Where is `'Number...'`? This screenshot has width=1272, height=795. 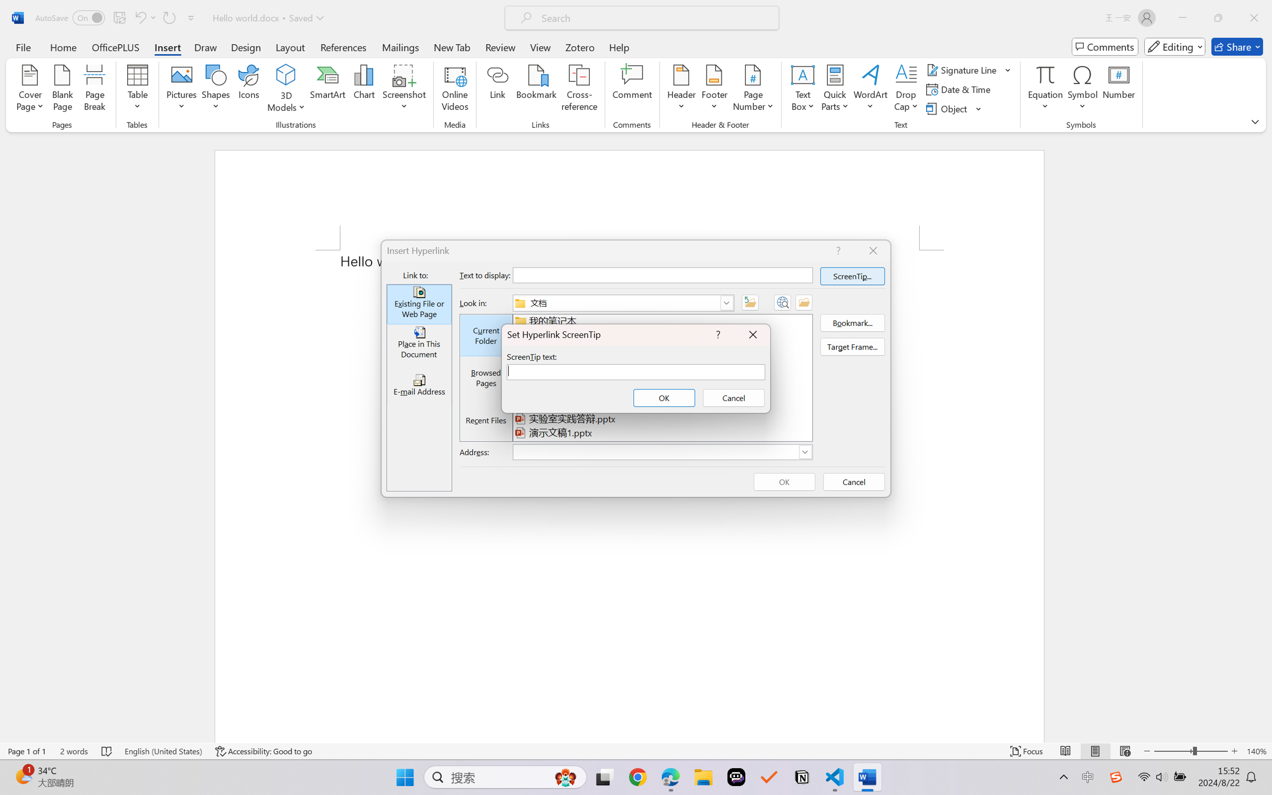 'Number...' is located at coordinates (1119, 89).